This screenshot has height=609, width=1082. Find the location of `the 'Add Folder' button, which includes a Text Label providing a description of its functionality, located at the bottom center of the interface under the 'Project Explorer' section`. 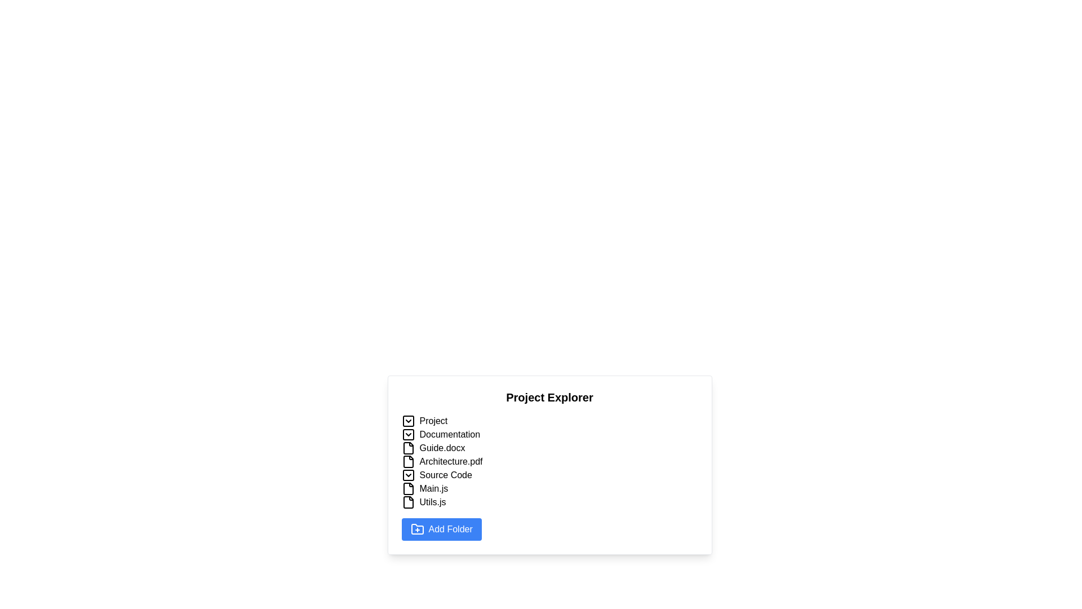

the 'Add Folder' button, which includes a Text Label providing a description of its functionality, located at the bottom center of the interface under the 'Project Explorer' section is located at coordinates (450, 529).